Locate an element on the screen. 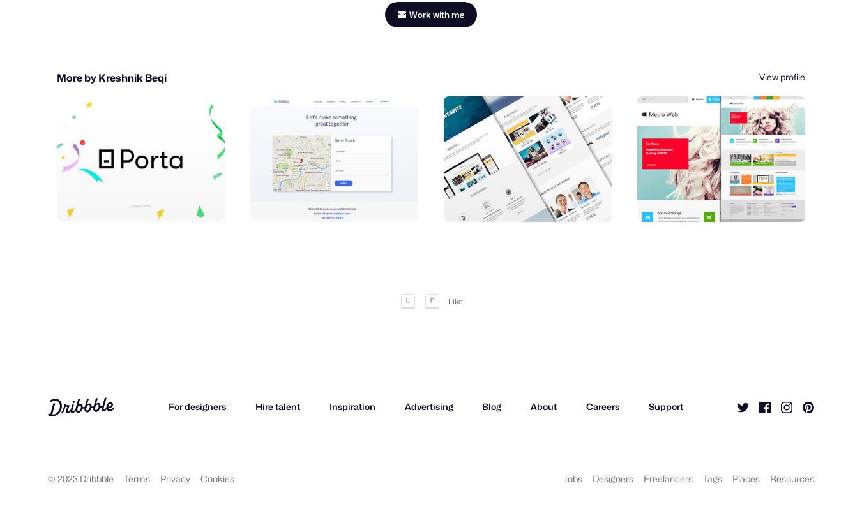 The image size is (862, 516). 'Work with me' is located at coordinates (436, 5).